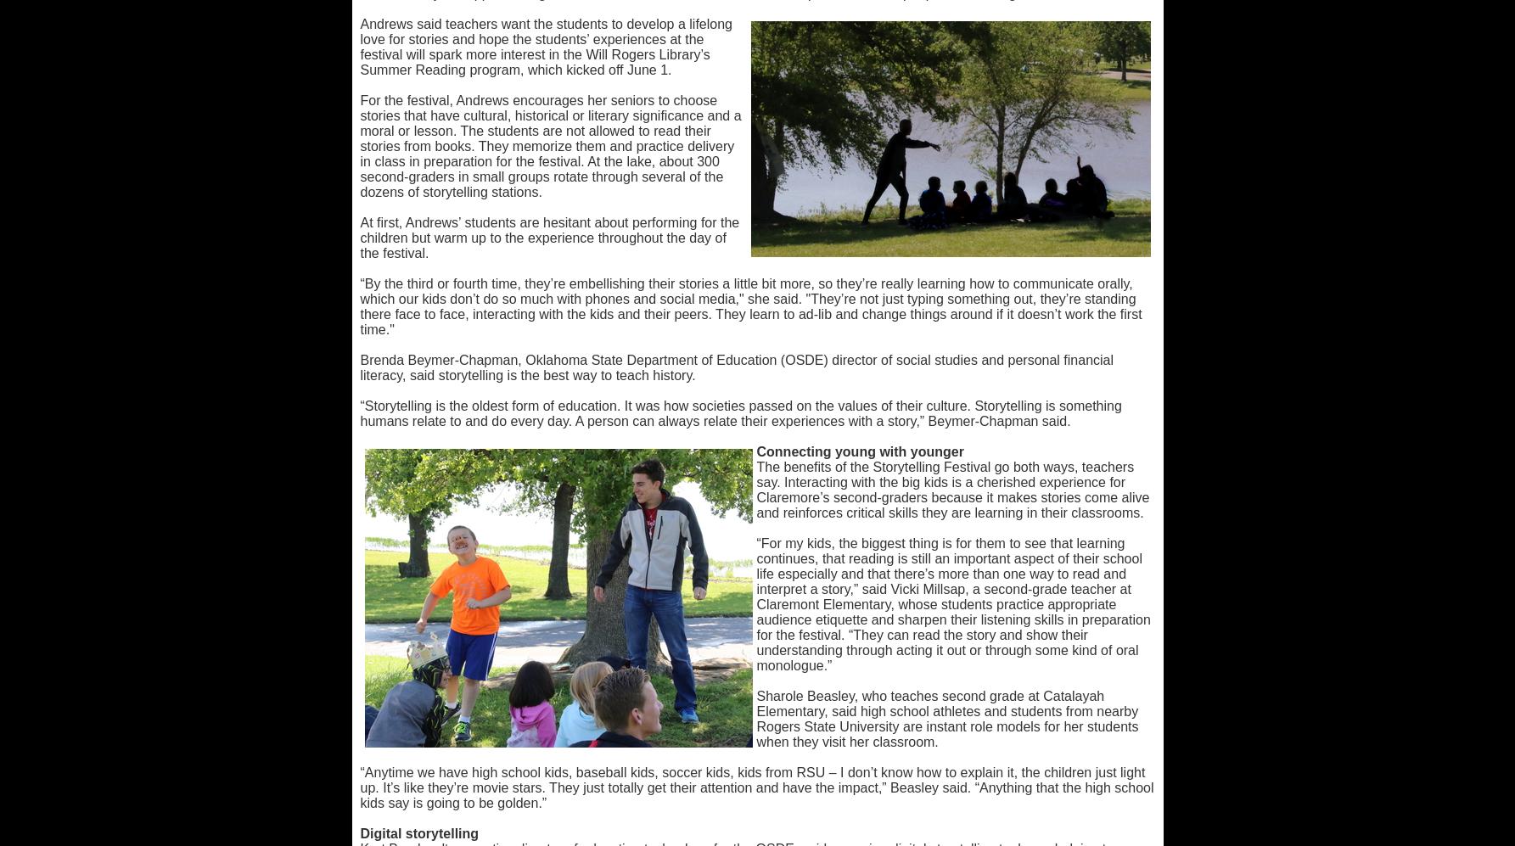 The height and width of the screenshot is (846, 1515). Describe the element at coordinates (497, 88) in the screenshot. I see `'Title Services'` at that location.